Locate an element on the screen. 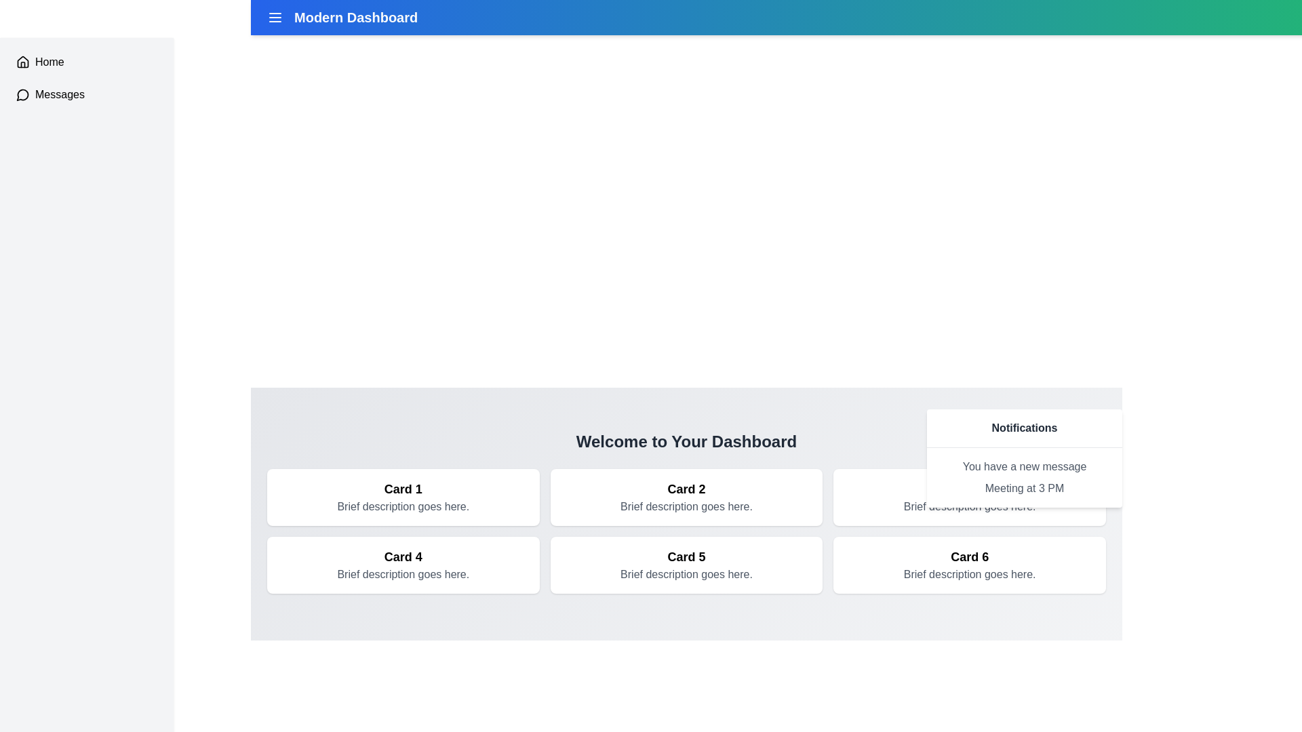  the 'Messages' button, which is the second item in the vertical list of menu items on the left sidebar is located at coordinates (86, 94).